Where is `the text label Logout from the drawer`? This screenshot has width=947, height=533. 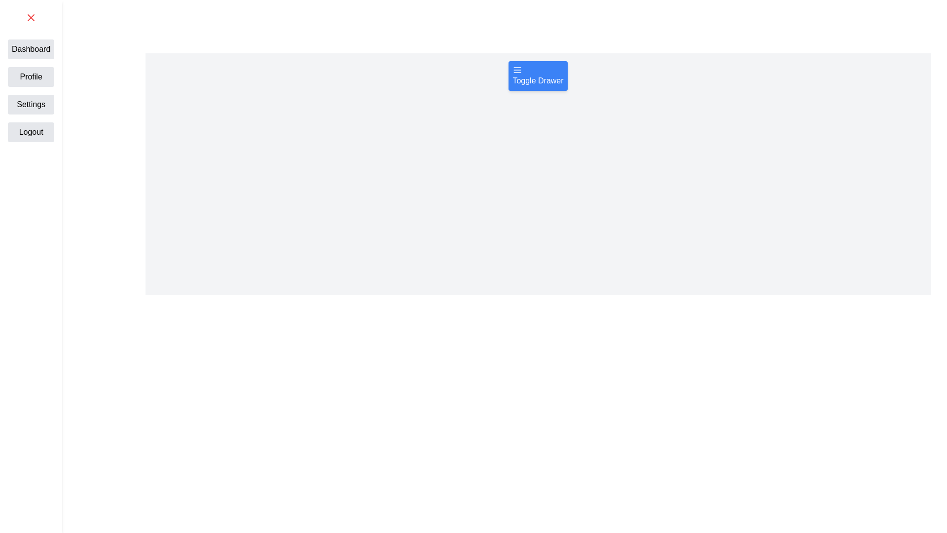 the text label Logout from the drawer is located at coordinates (31, 131).